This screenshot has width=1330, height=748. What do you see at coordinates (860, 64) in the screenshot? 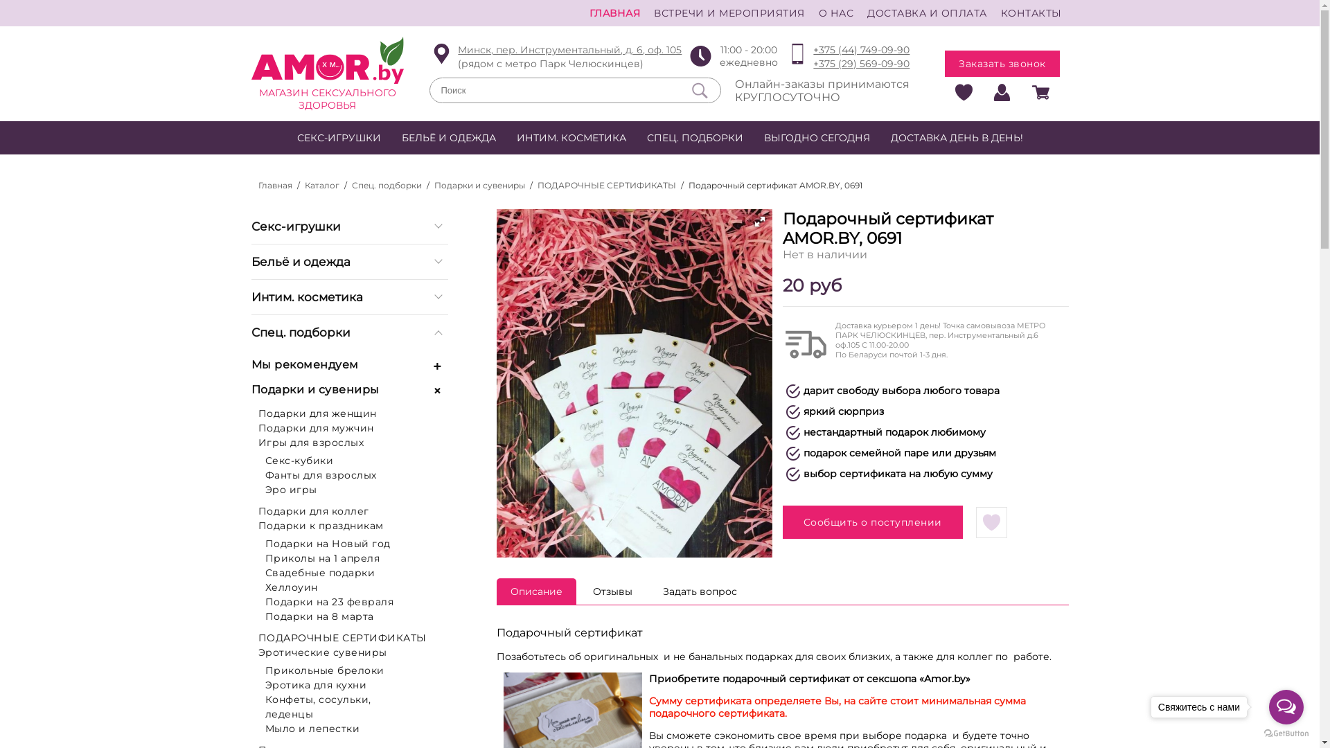
I see `'+375 (29) 569-09-90'` at bounding box center [860, 64].